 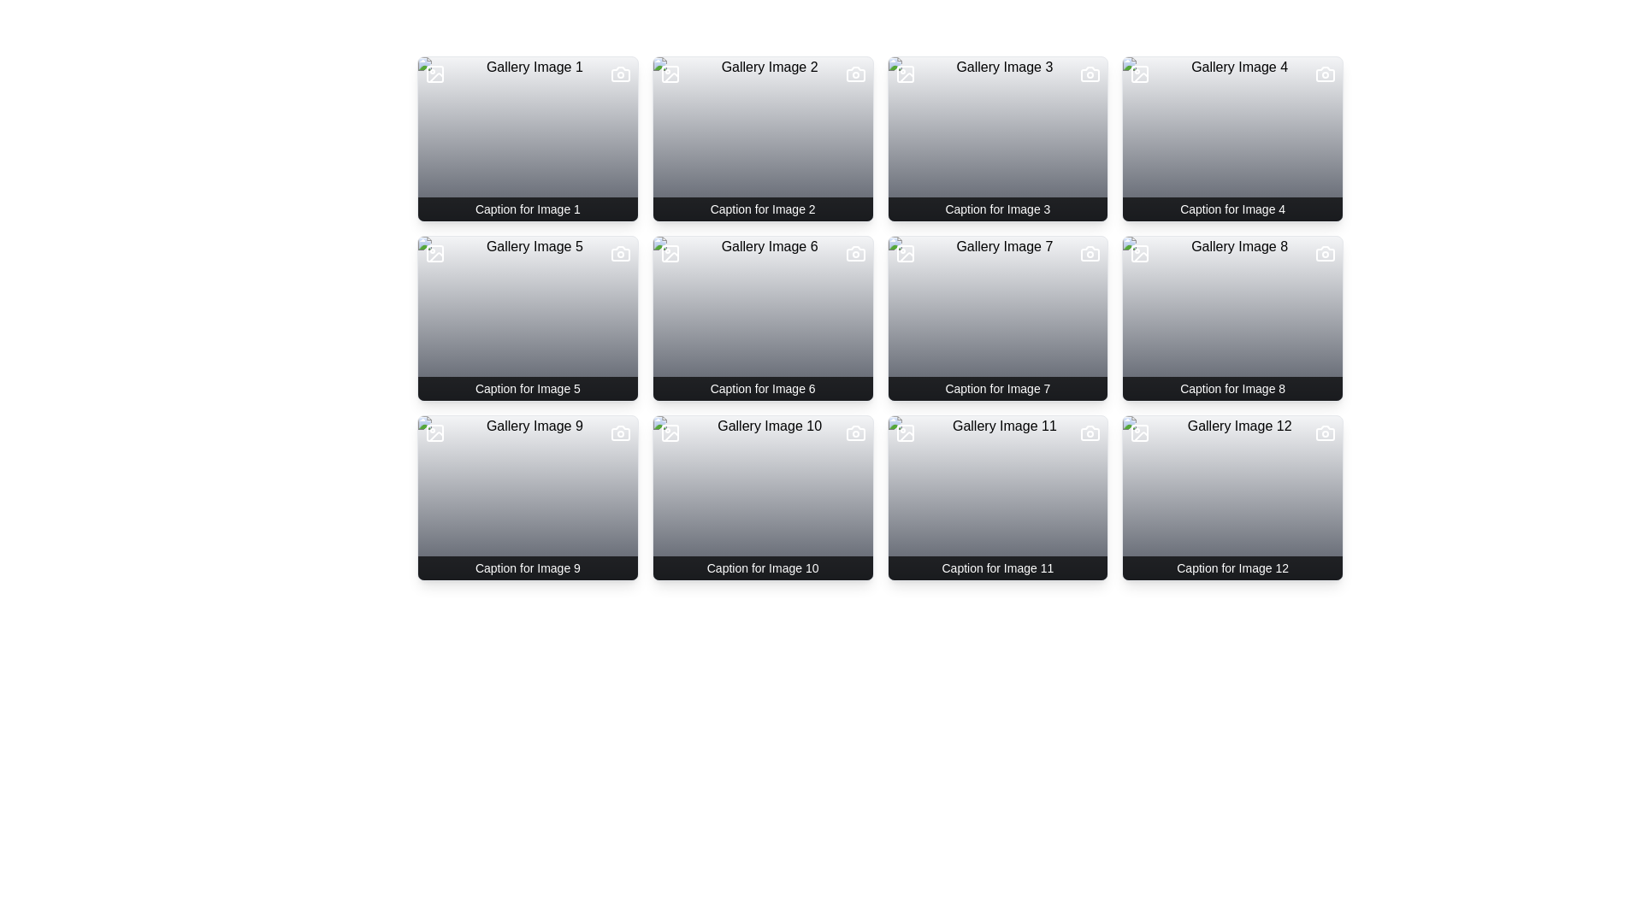 I want to click on the enhanced appearance of the Background gradient overlay located within the 'Gallery Image 8' card in the second row, fourth column of the grid layout, so click(x=1232, y=319).